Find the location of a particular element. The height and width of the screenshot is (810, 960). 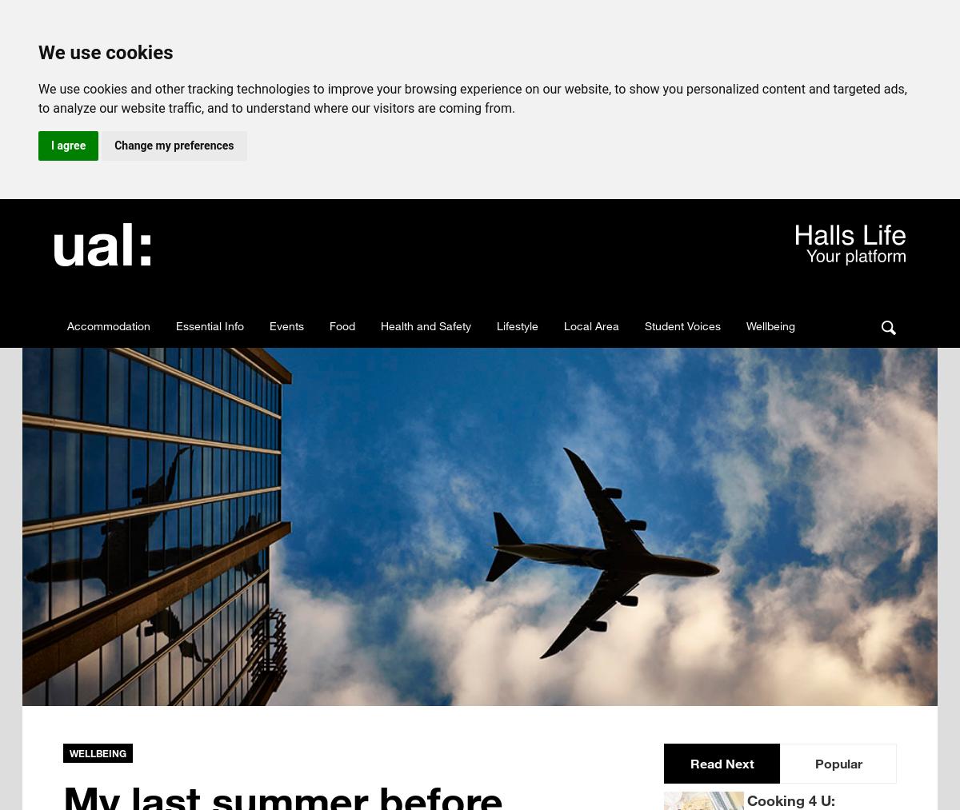

'Food' is located at coordinates (342, 325).